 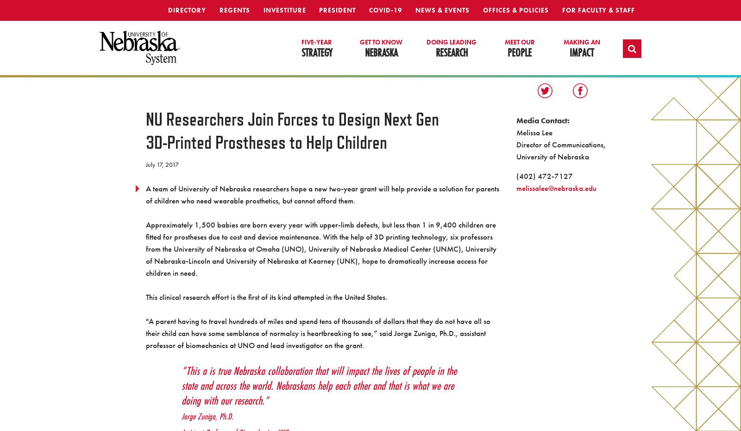 I want to click on 'Covid-19', so click(x=369, y=10).